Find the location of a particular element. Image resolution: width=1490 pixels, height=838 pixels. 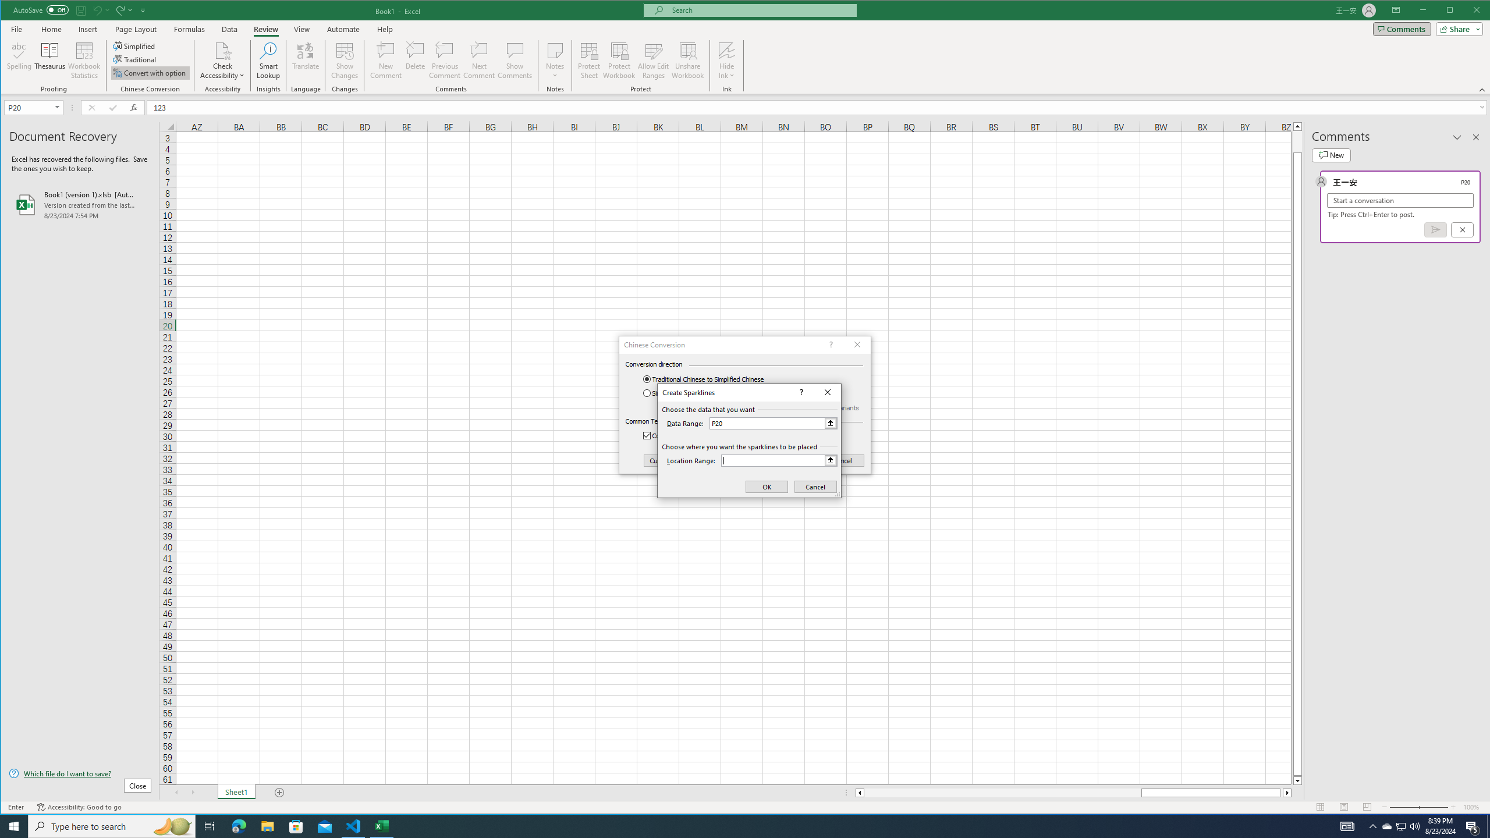

'Traditional' is located at coordinates (135, 59).